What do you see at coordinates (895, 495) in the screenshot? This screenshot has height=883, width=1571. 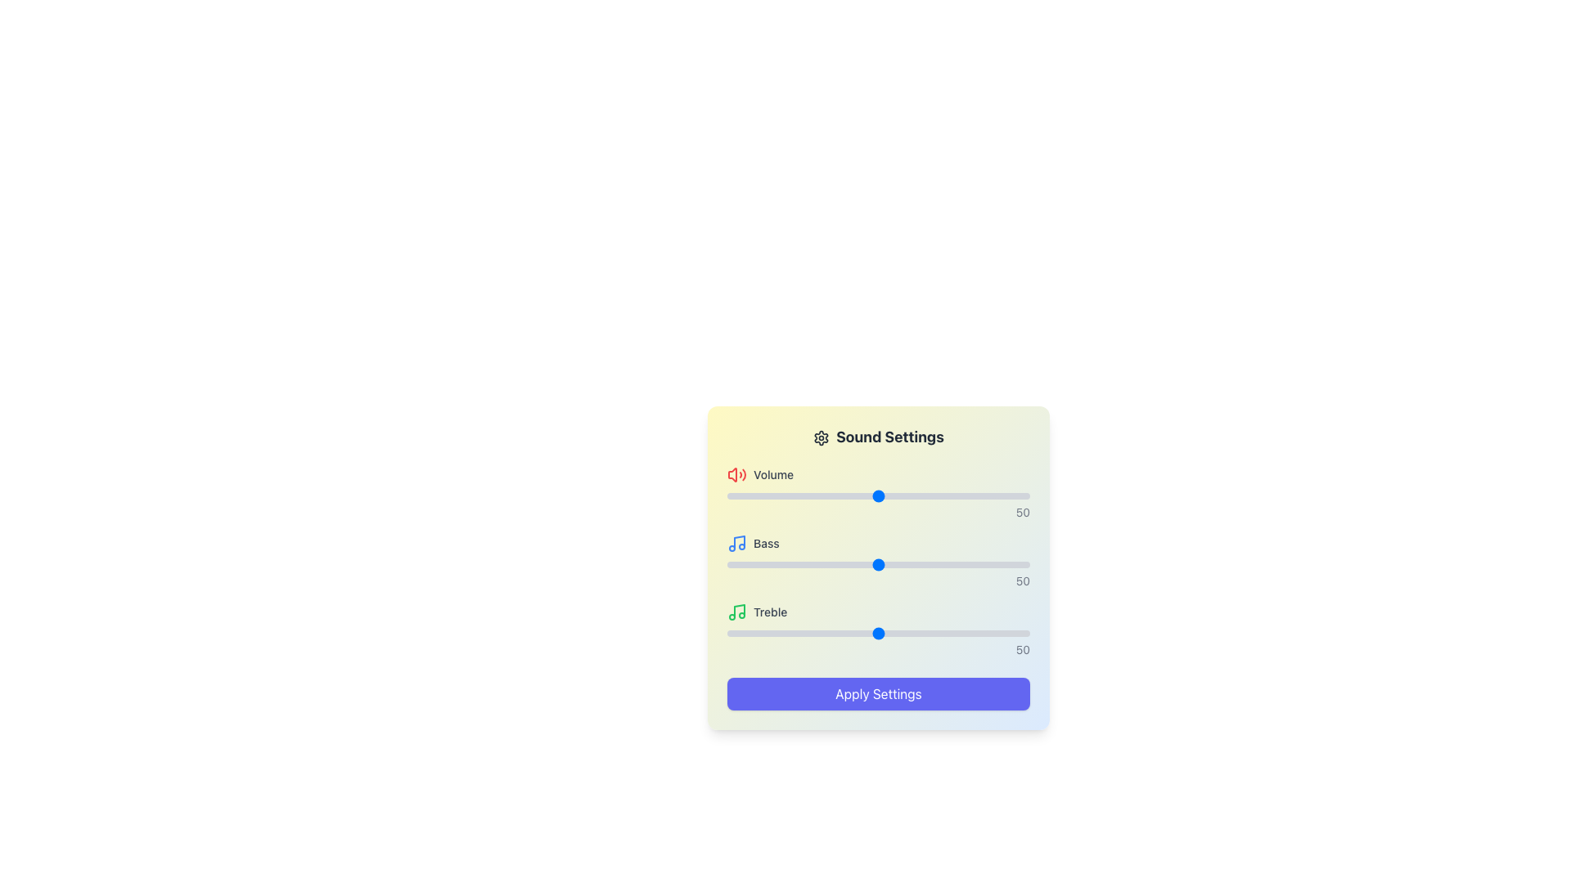 I see `the volume level` at bounding box center [895, 495].